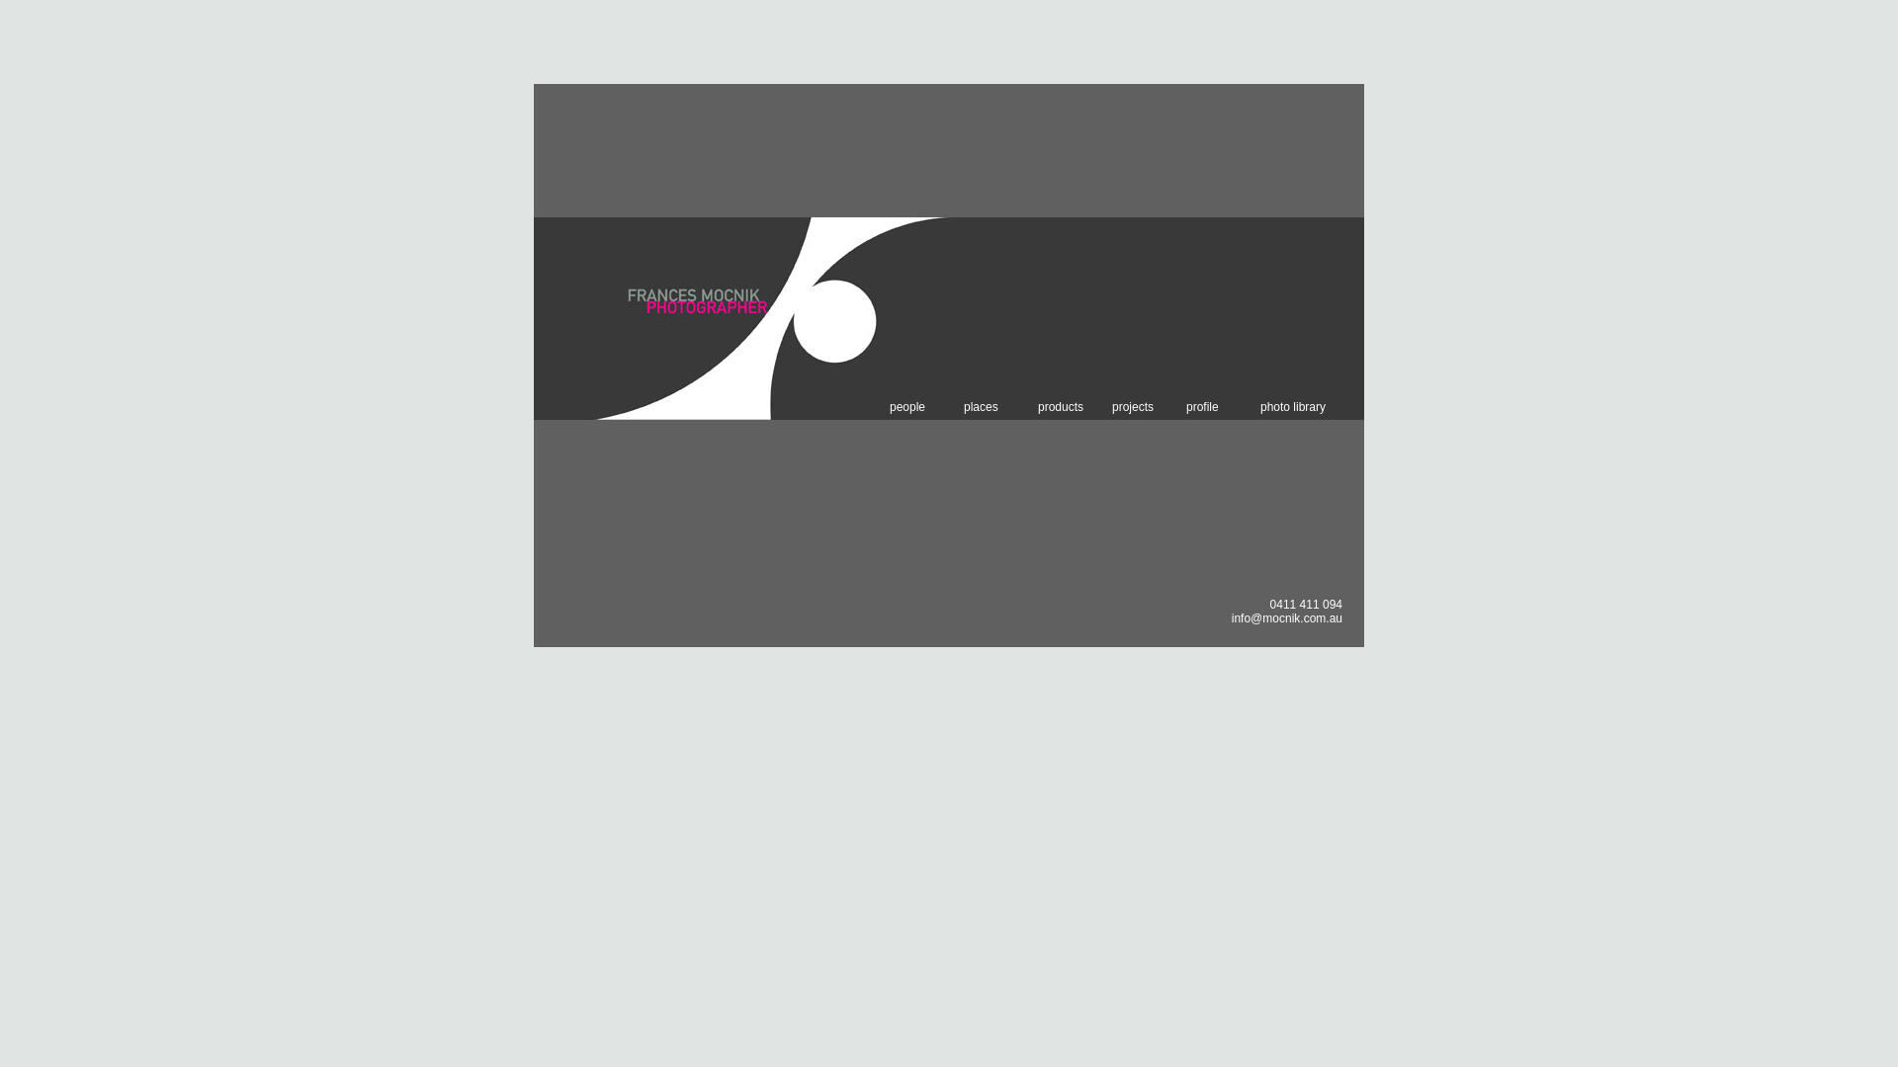 The width and height of the screenshot is (1898, 1067). I want to click on 'places', so click(963, 406).